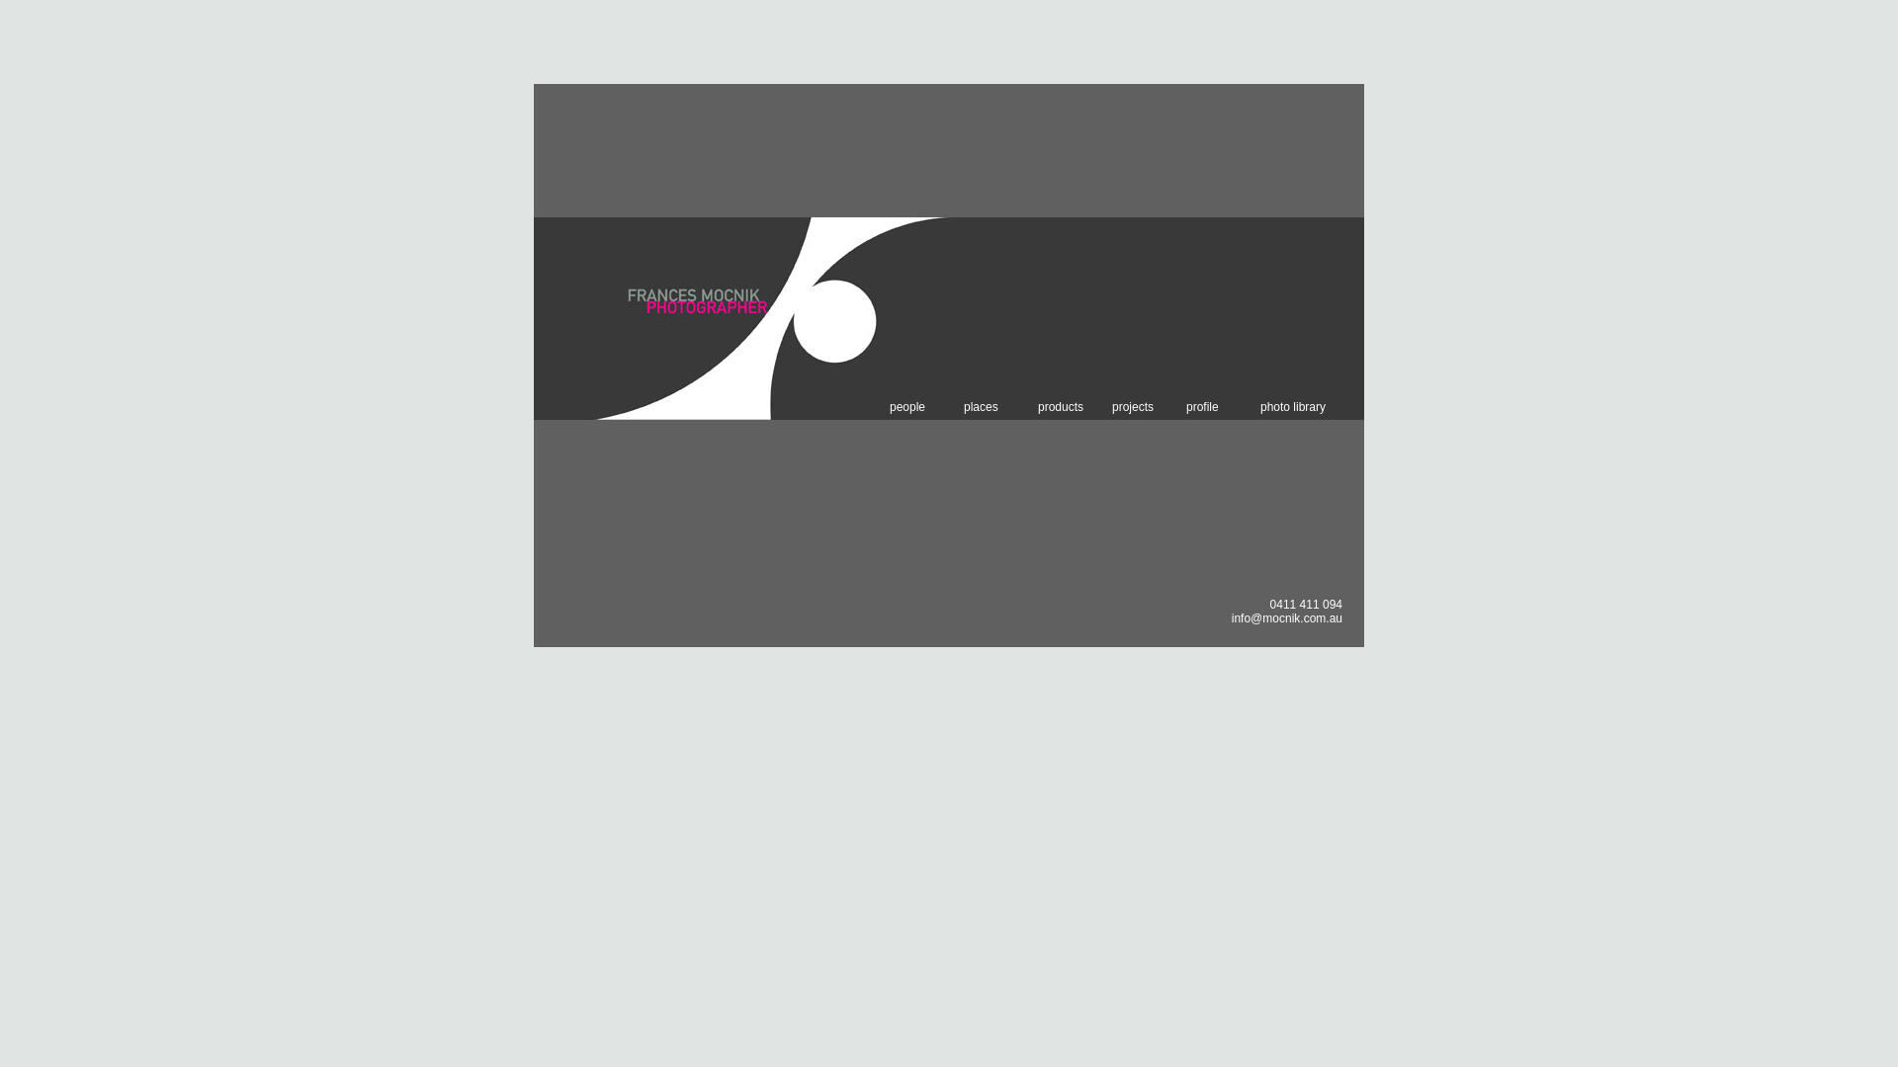 The width and height of the screenshot is (1898, 1067). I want to click on 'places', so click(963, 406).